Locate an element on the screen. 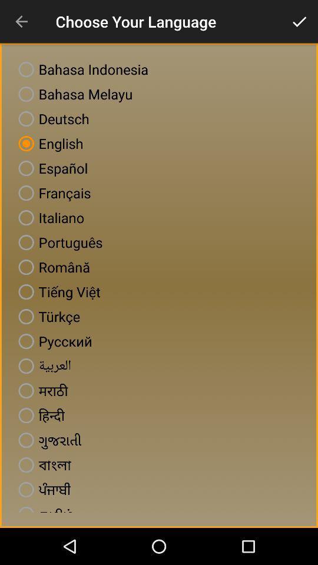 This screenshot has height=565, width=318. item below the bahasa indonesia item is located at coordinates (73, 94).